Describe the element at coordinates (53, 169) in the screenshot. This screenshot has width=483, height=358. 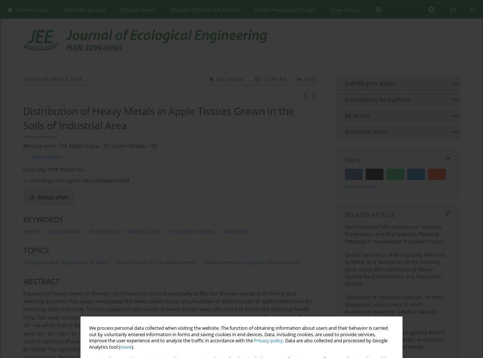
I see `'J. Ecol. Eng. 2019; 20(3):57–66'` at that location.